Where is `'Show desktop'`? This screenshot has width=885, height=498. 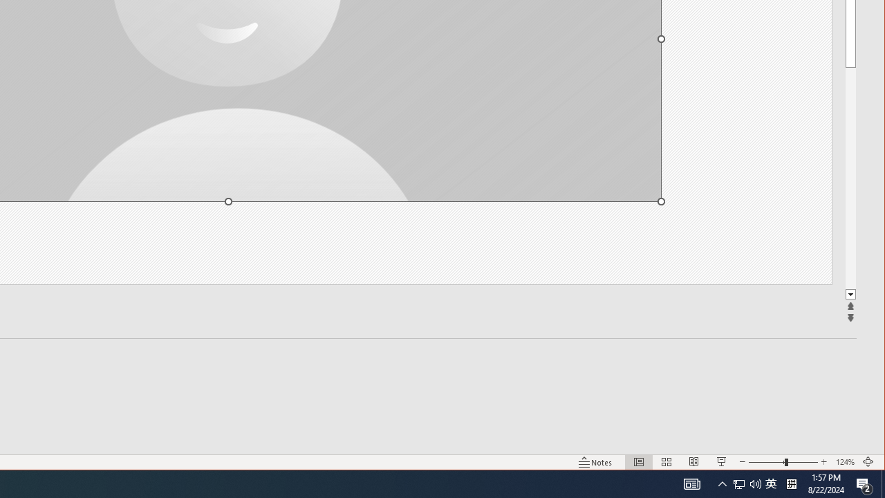
'Show desktop' is located at coordinates (882, 483).